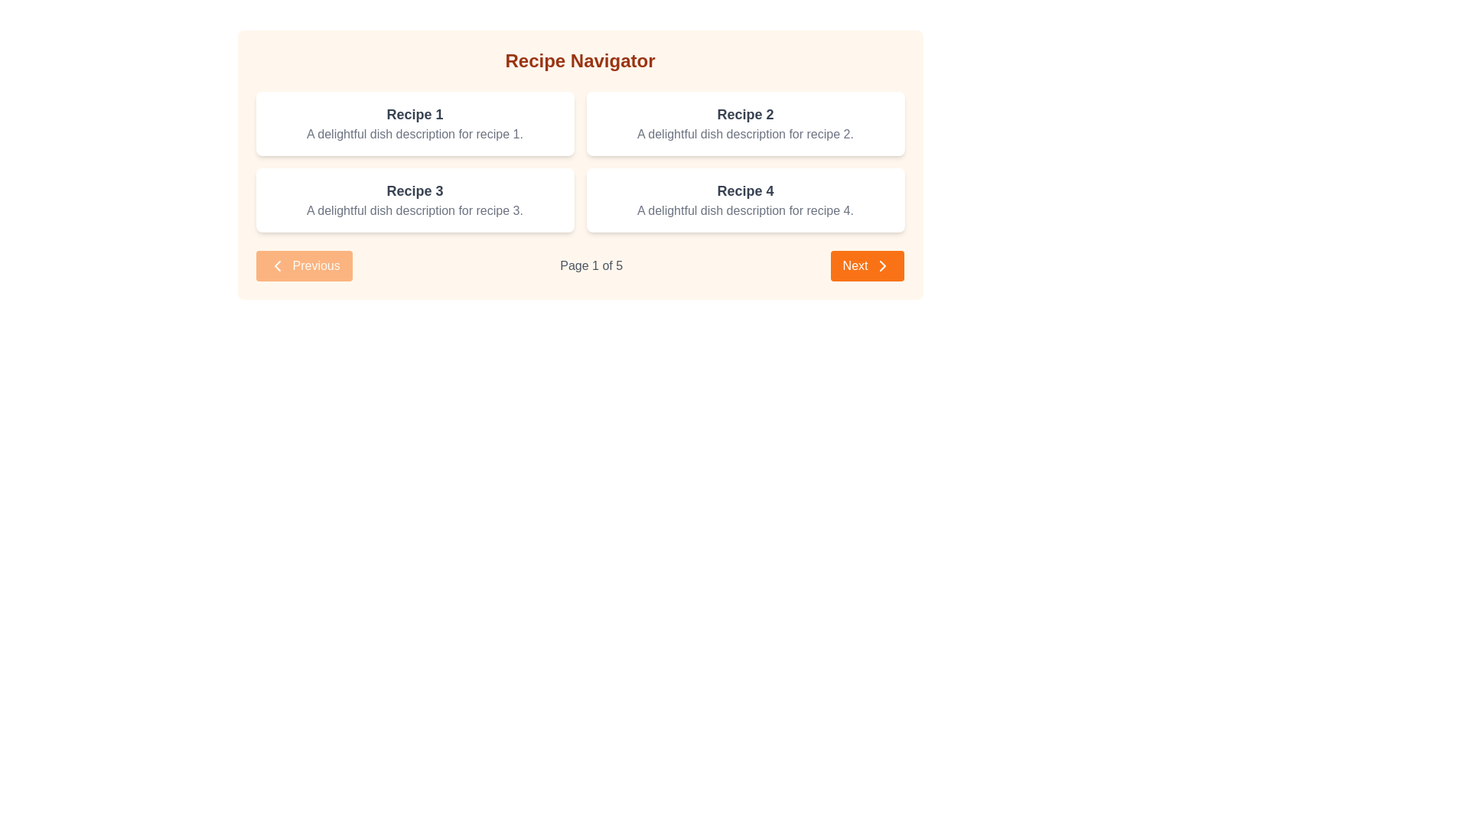  Describe the element at coordinates (304, 265) in the screenshot. I see `the 'Previous' button with an orange background and a left-pointing chevron icon` at that location.